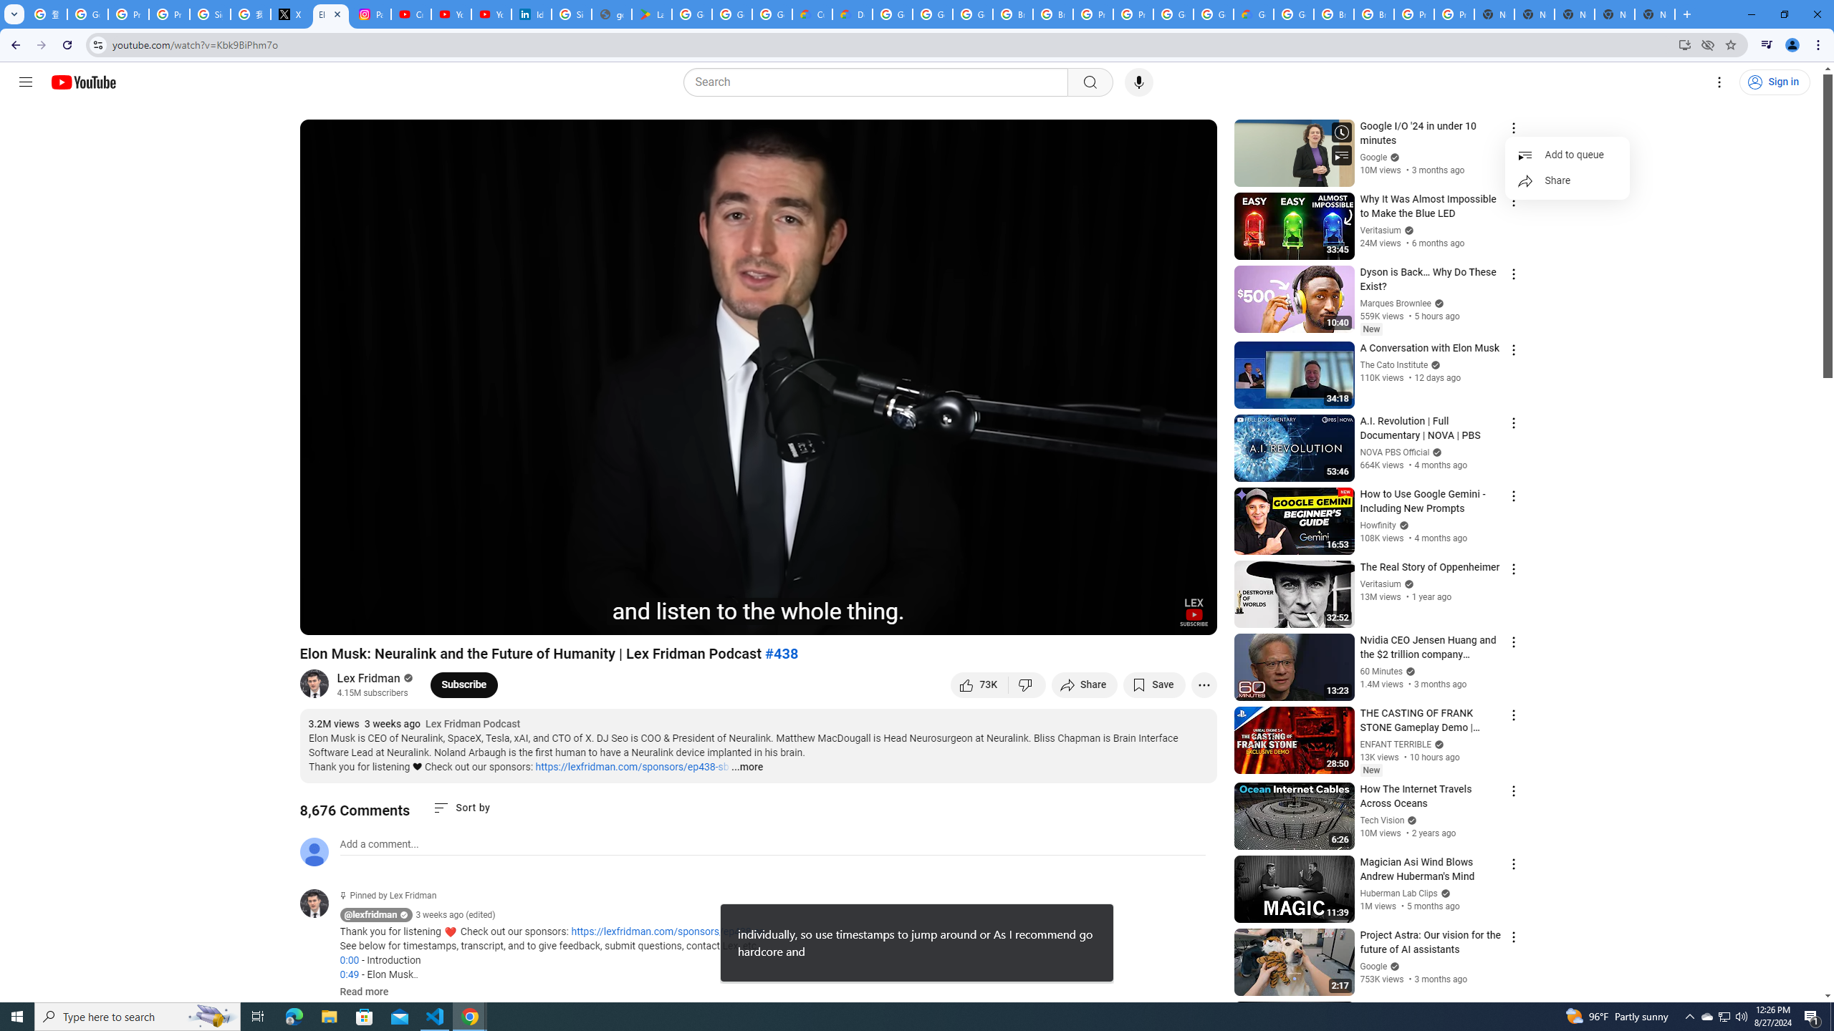  I want to click on 'Sign in - Google Accounts', so click(570, 14).